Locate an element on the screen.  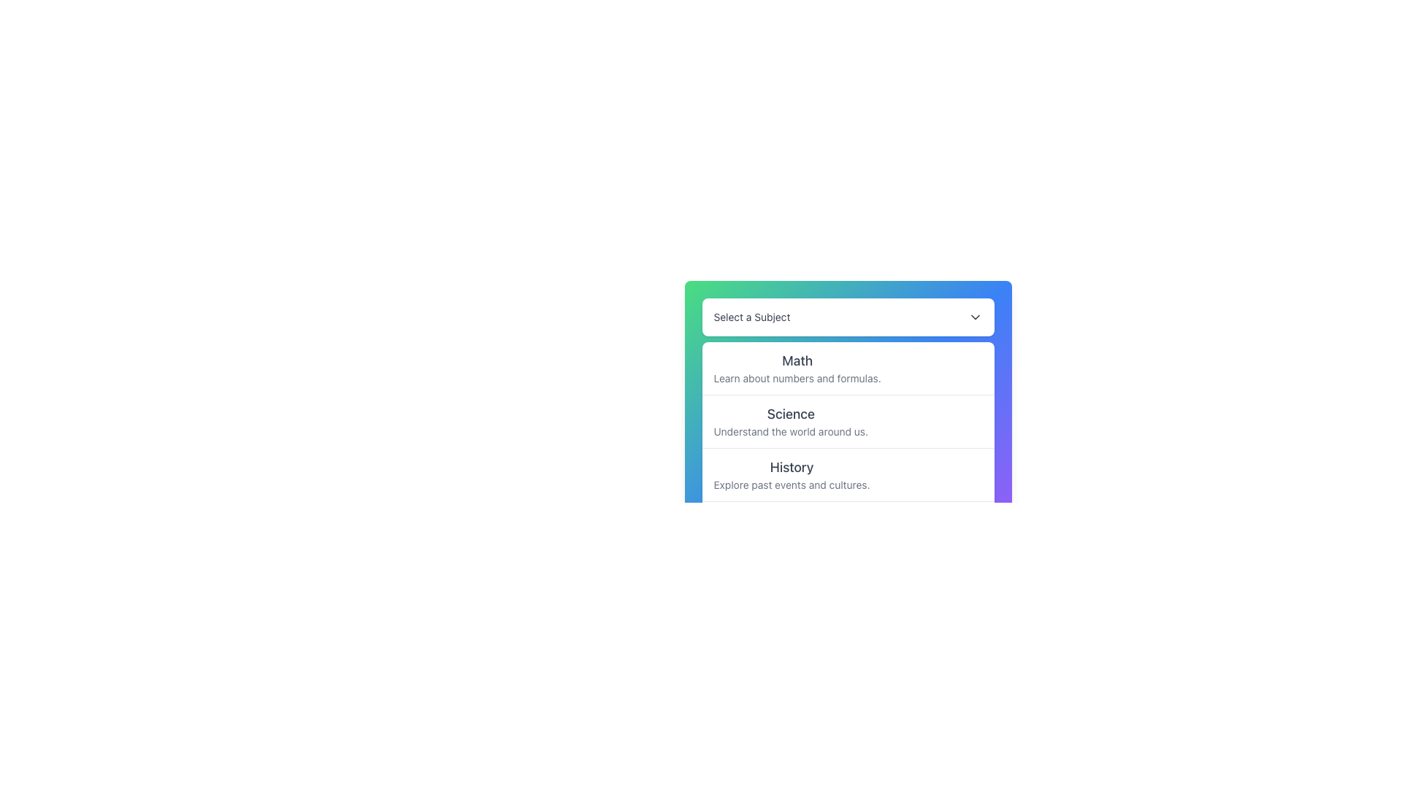
the second selectable list item labeled 'Science' in the dropdown menu is located at coordinates (848, 421).